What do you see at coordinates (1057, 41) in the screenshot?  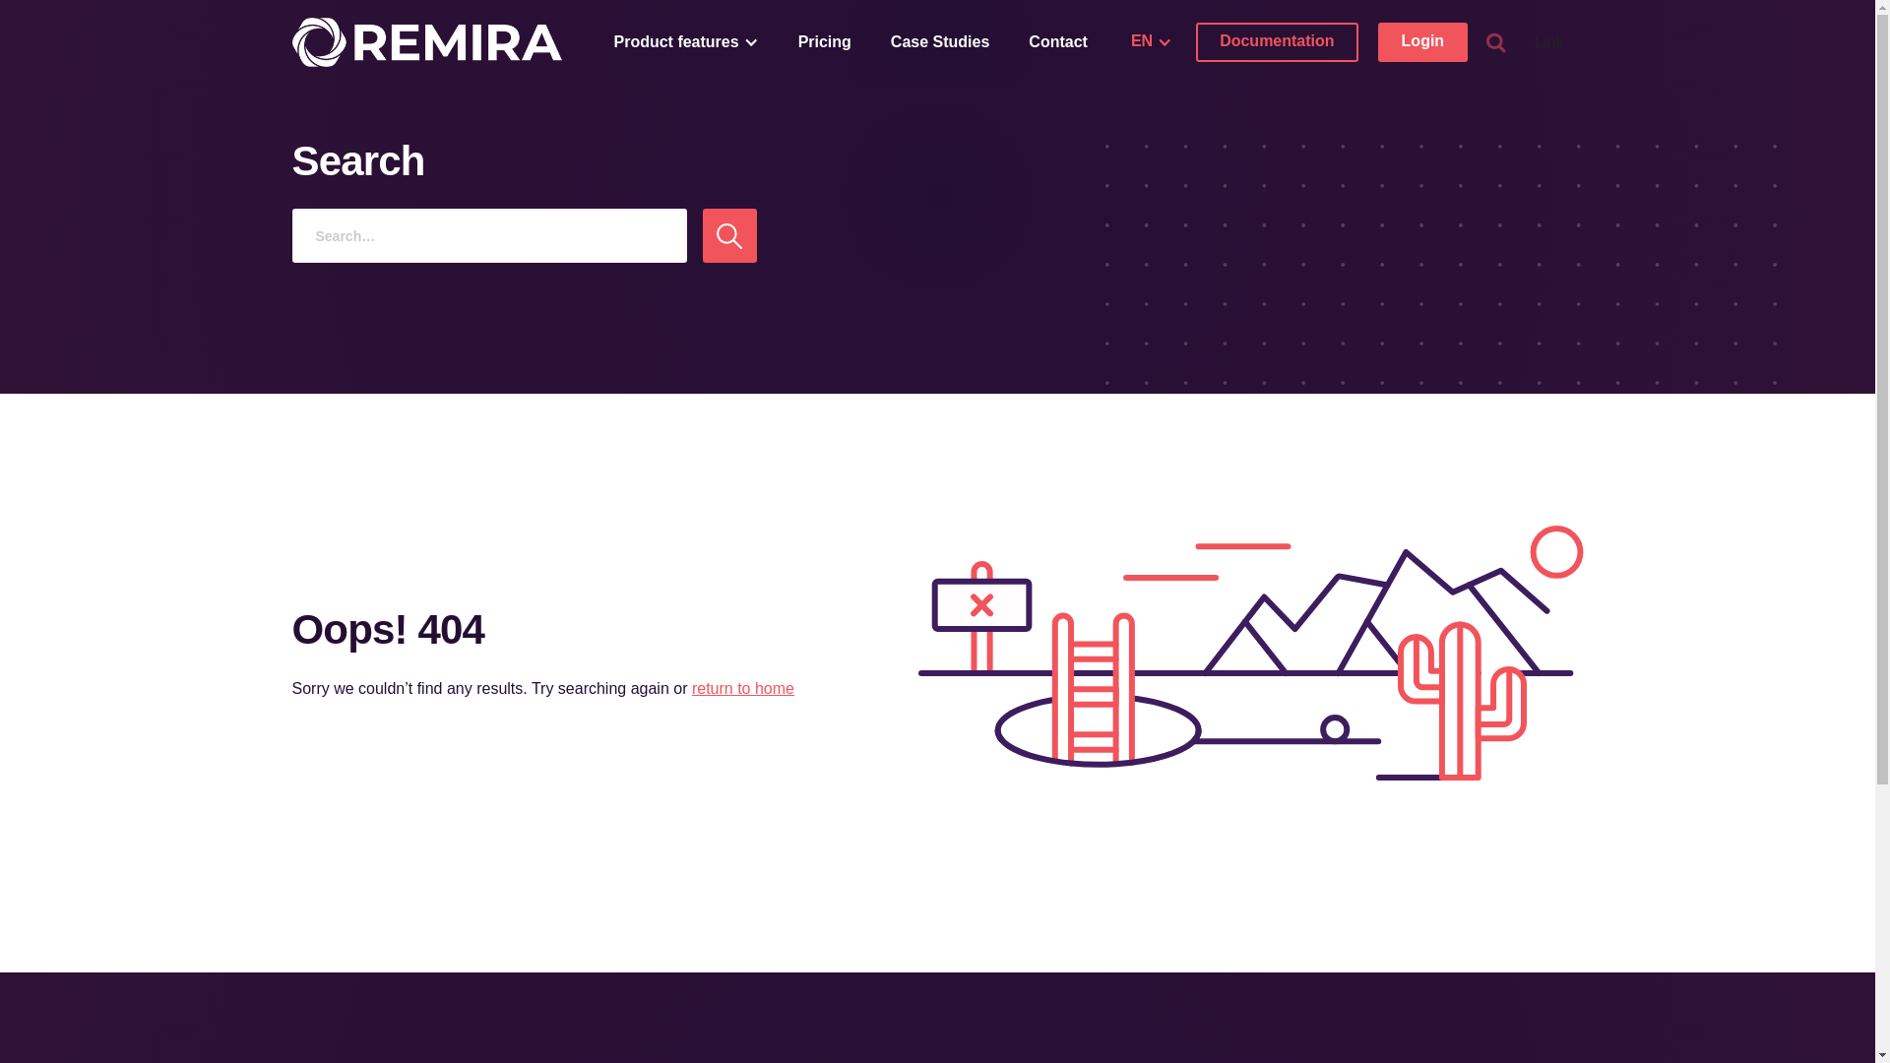 I see `'Contact'` at bounding box center [1057, 41].